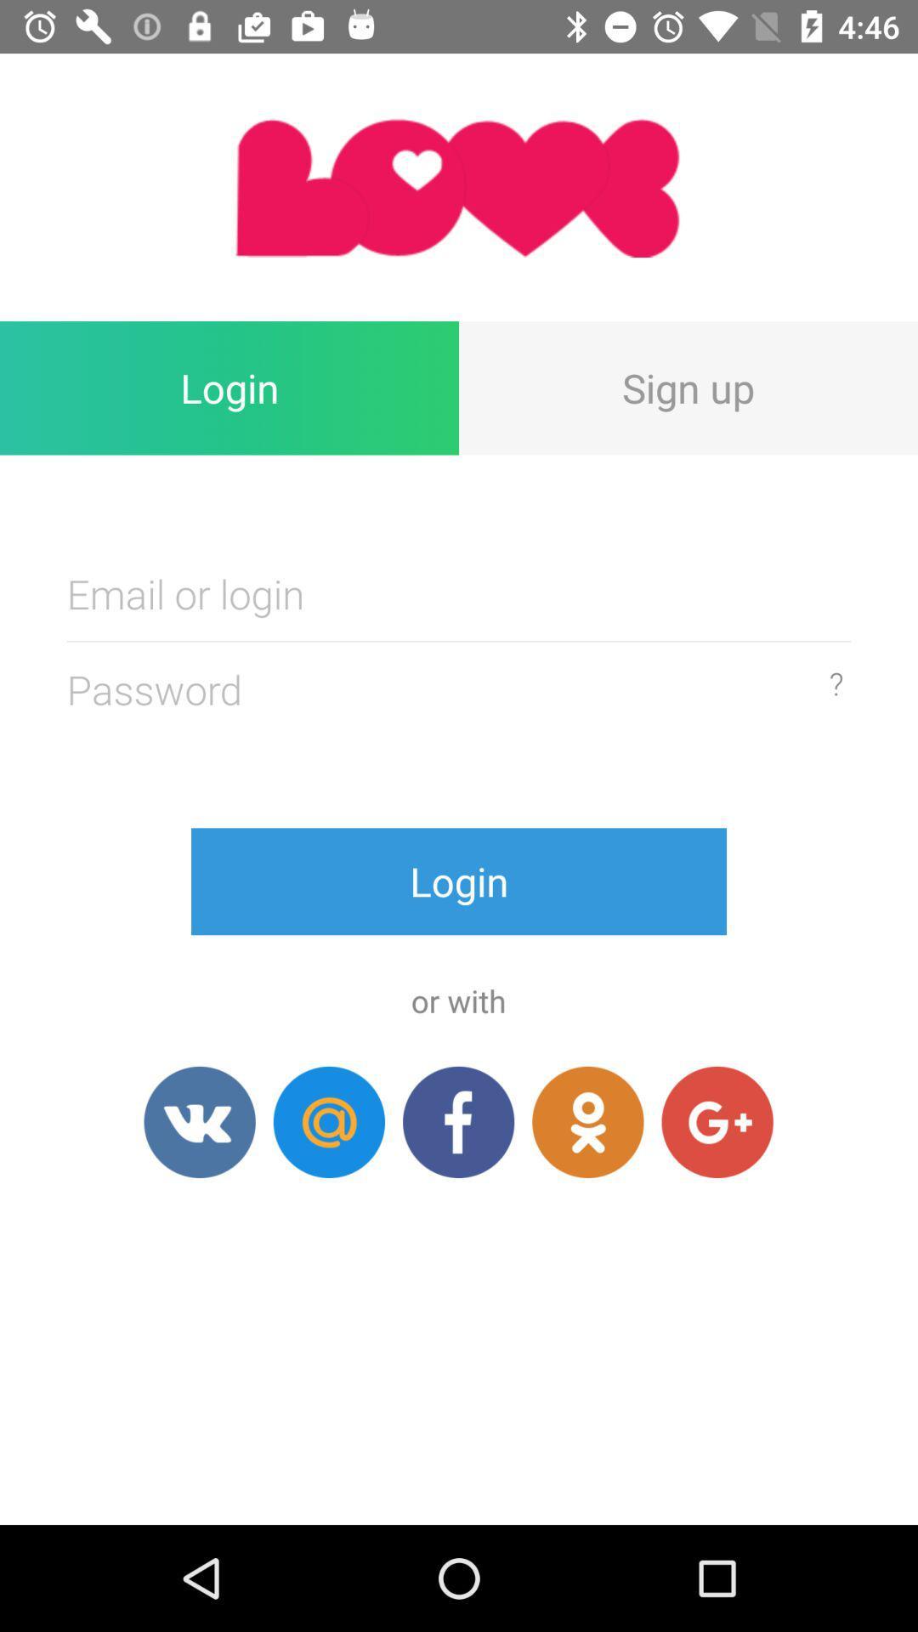 Image resolution: width=918 pixels, height=1632 pixels. Describe the element at coordinates (688, 387) in the screenshot. I see `icon to the right of login` at that location.